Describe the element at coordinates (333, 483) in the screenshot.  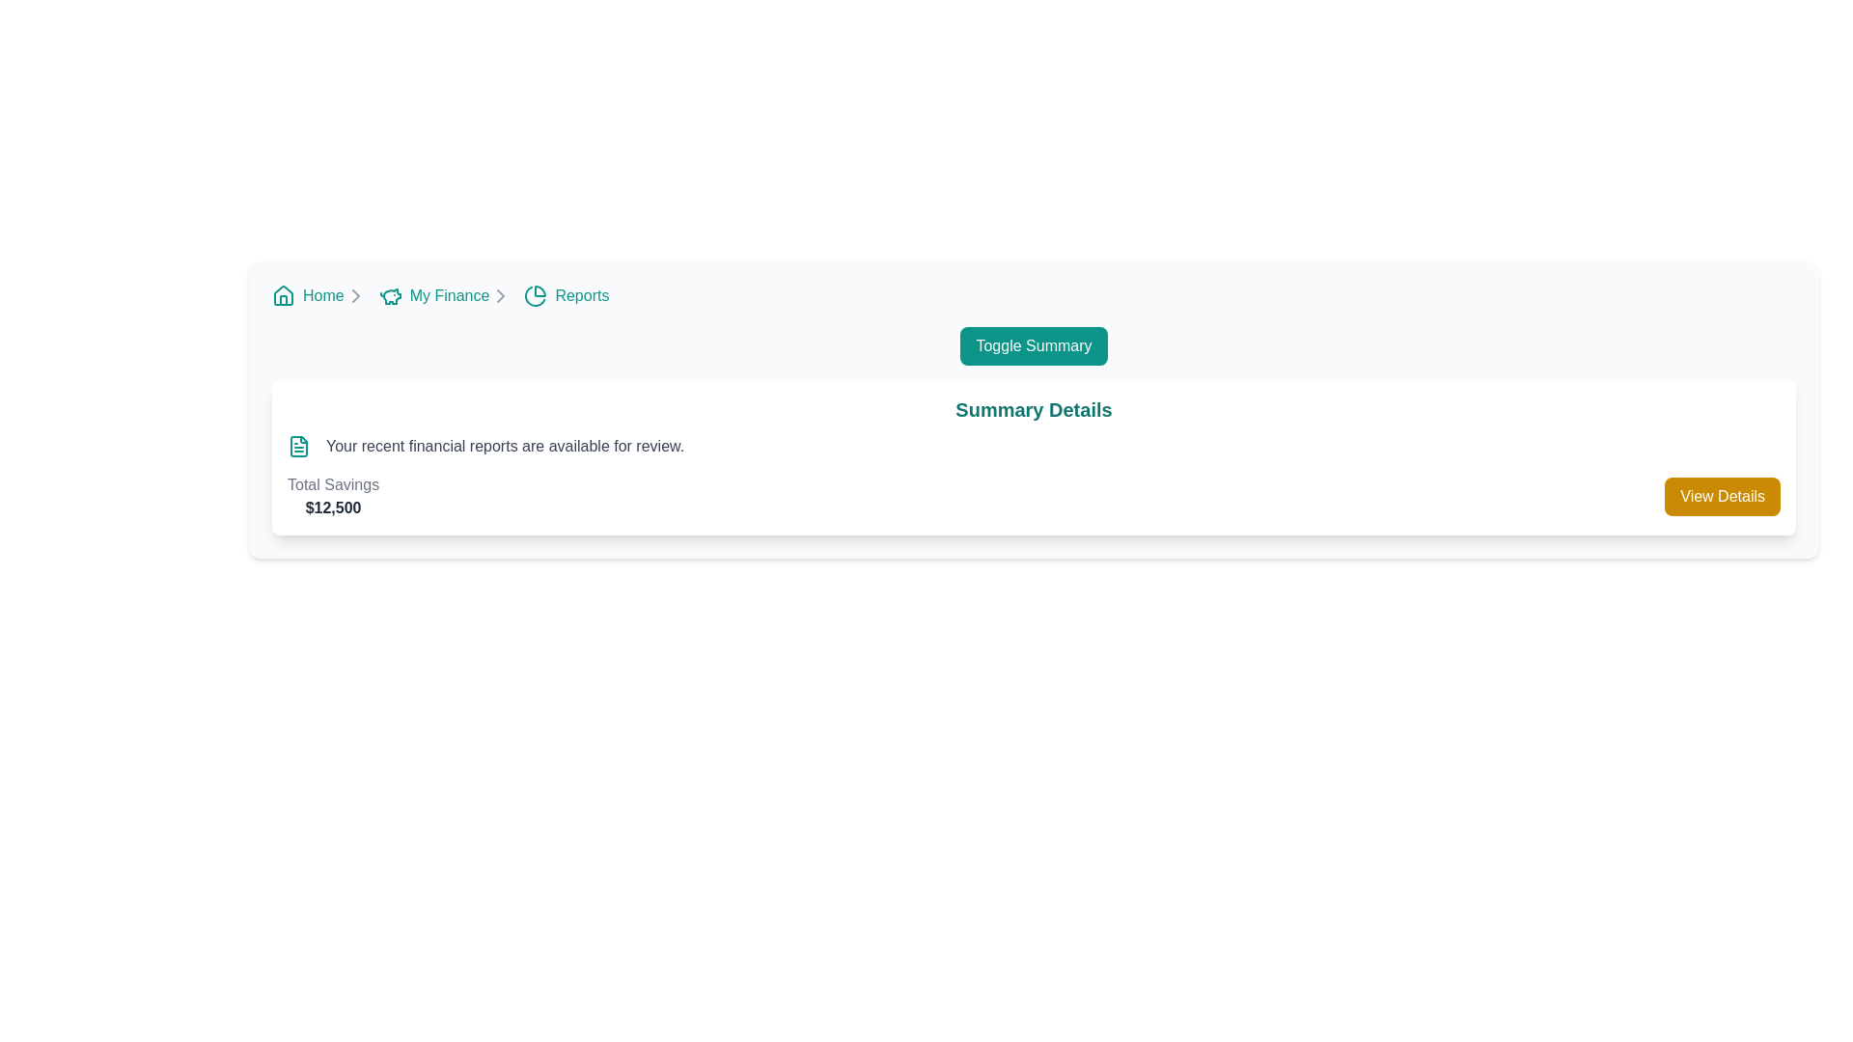
I see `the 'Total Savings' label, which displays the phrase in gray font style, located above the '$12,500' monetary value label within the financial summary section` at that location.